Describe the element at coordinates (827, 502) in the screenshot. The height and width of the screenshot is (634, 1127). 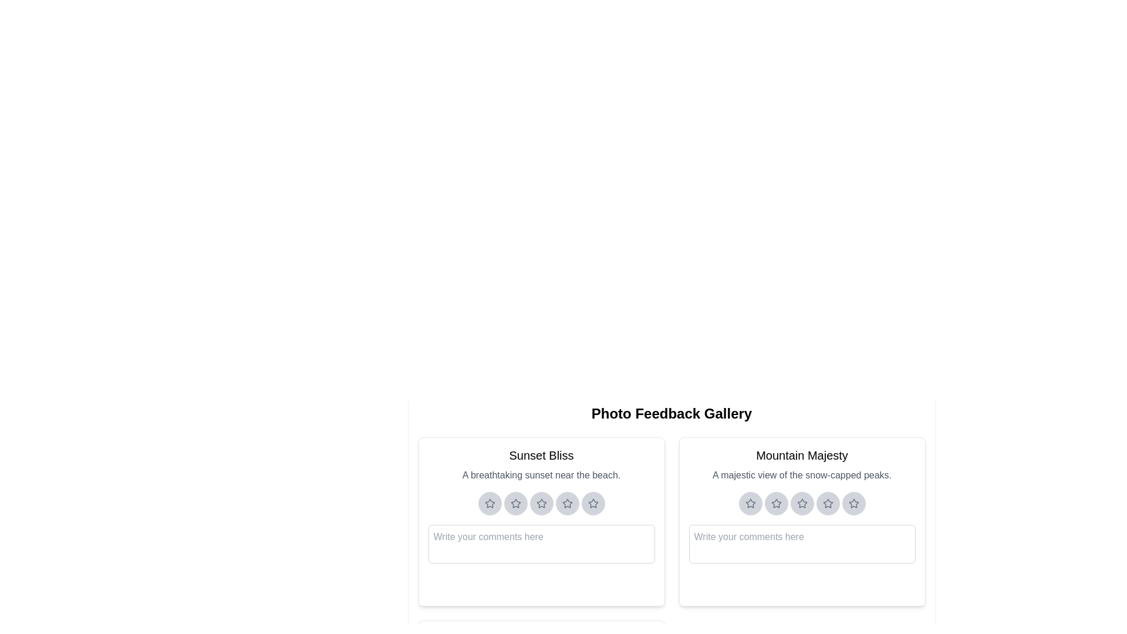
I see `the fourth selectable star icon in the rating system for 'Mountain Majesty'` at that location.